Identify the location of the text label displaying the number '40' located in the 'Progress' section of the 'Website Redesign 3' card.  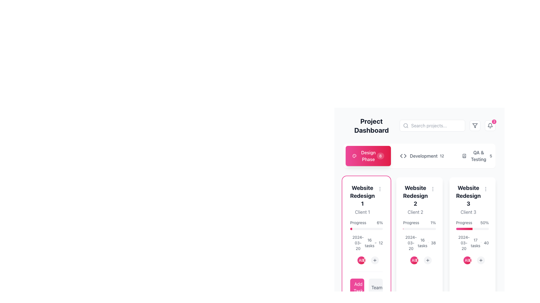
(486, 243).